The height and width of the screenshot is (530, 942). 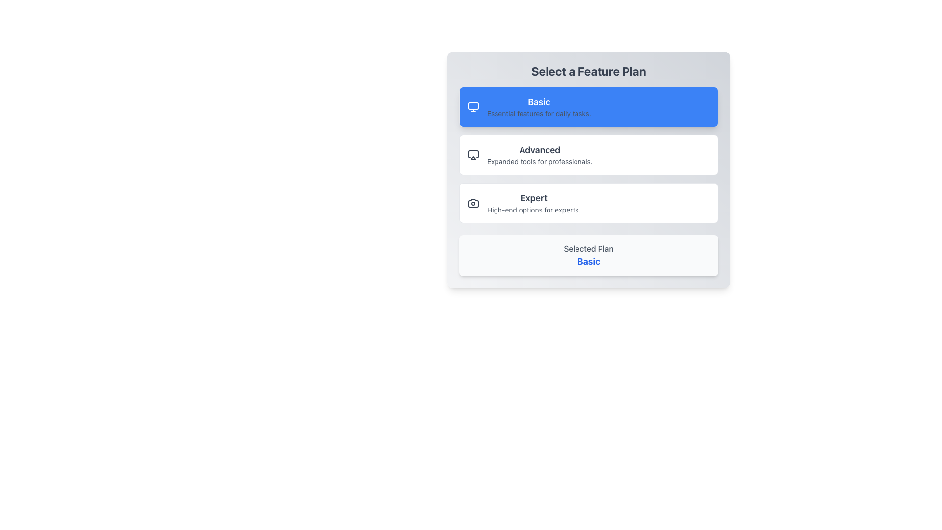 What do you see at coordinates (589, 248) in the screenshot?
I see `'Selected Plan' text label, which is a medium weight light gray text located above the 'Basic' text in the 'Select a Feature Plan' interface` at bounding box center [589, 248].